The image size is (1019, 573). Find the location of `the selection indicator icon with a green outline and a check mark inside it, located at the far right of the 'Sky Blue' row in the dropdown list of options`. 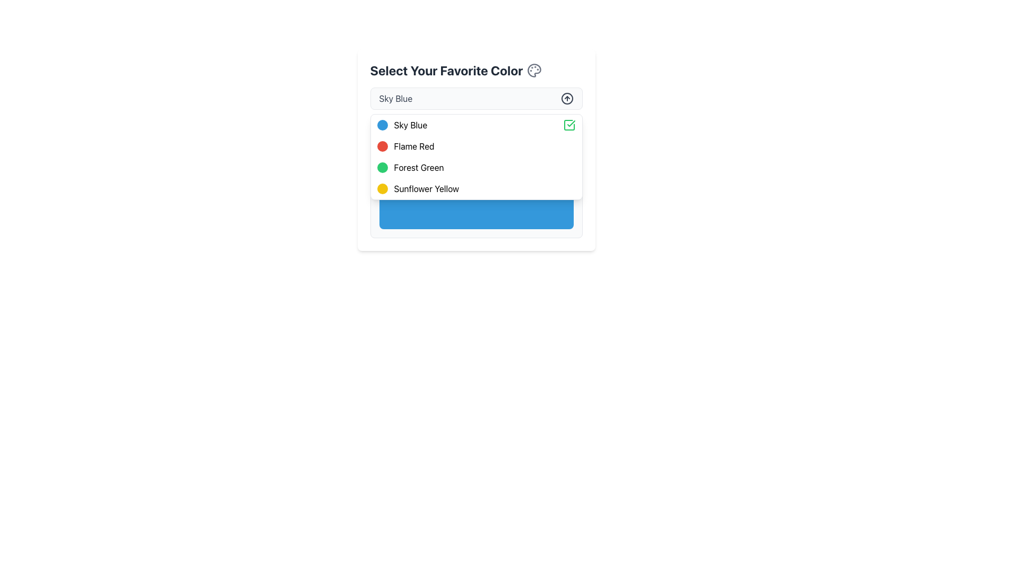

the selection indicator icon with a green outline and a check mark inside it, located at the far right of the 'Sky Blue' row in the dropdown list of options is located at coordinates (568, 124).